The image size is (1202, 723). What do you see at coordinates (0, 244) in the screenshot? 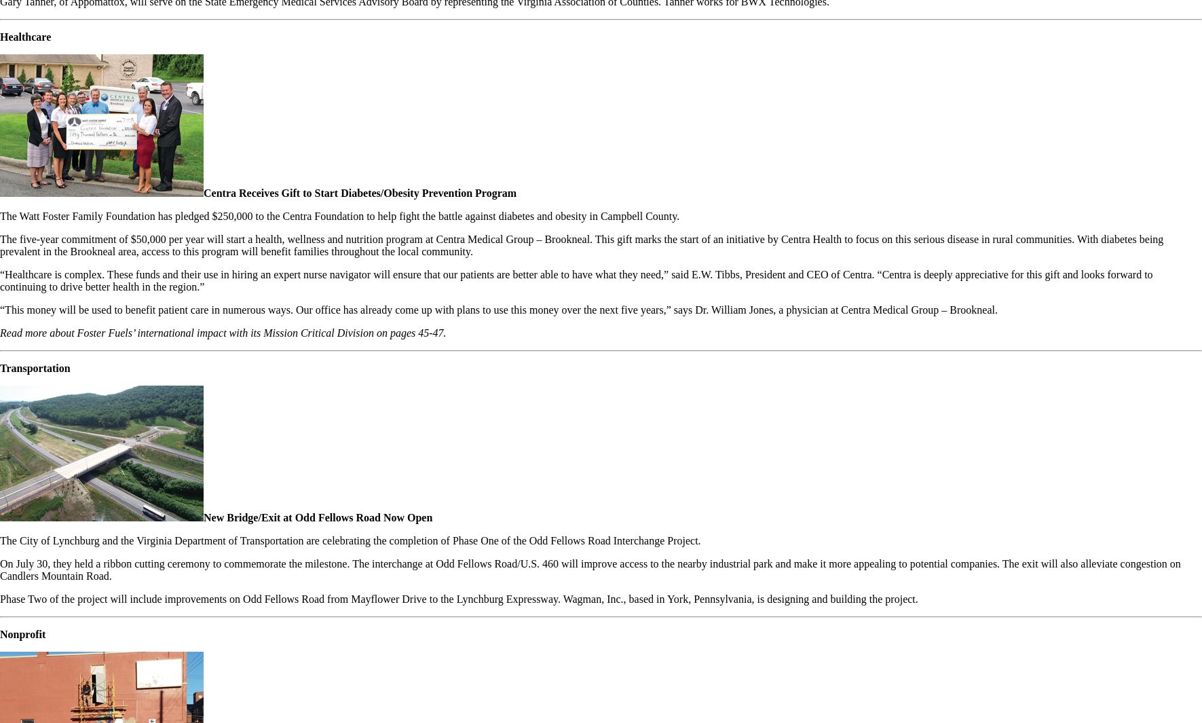
I see `'The five-year commitment of $50,000 per year will start a health, wellness and nutrition program at Centra Medical Group – Brookneal. This gift marks the start of an initiative by Centra Health to focus on this serious disease in rural communities. With diabetes being prevalent in the Brookneal area, access to this program will benefit families throughout the local community.'` at bounding box center [0, 244].